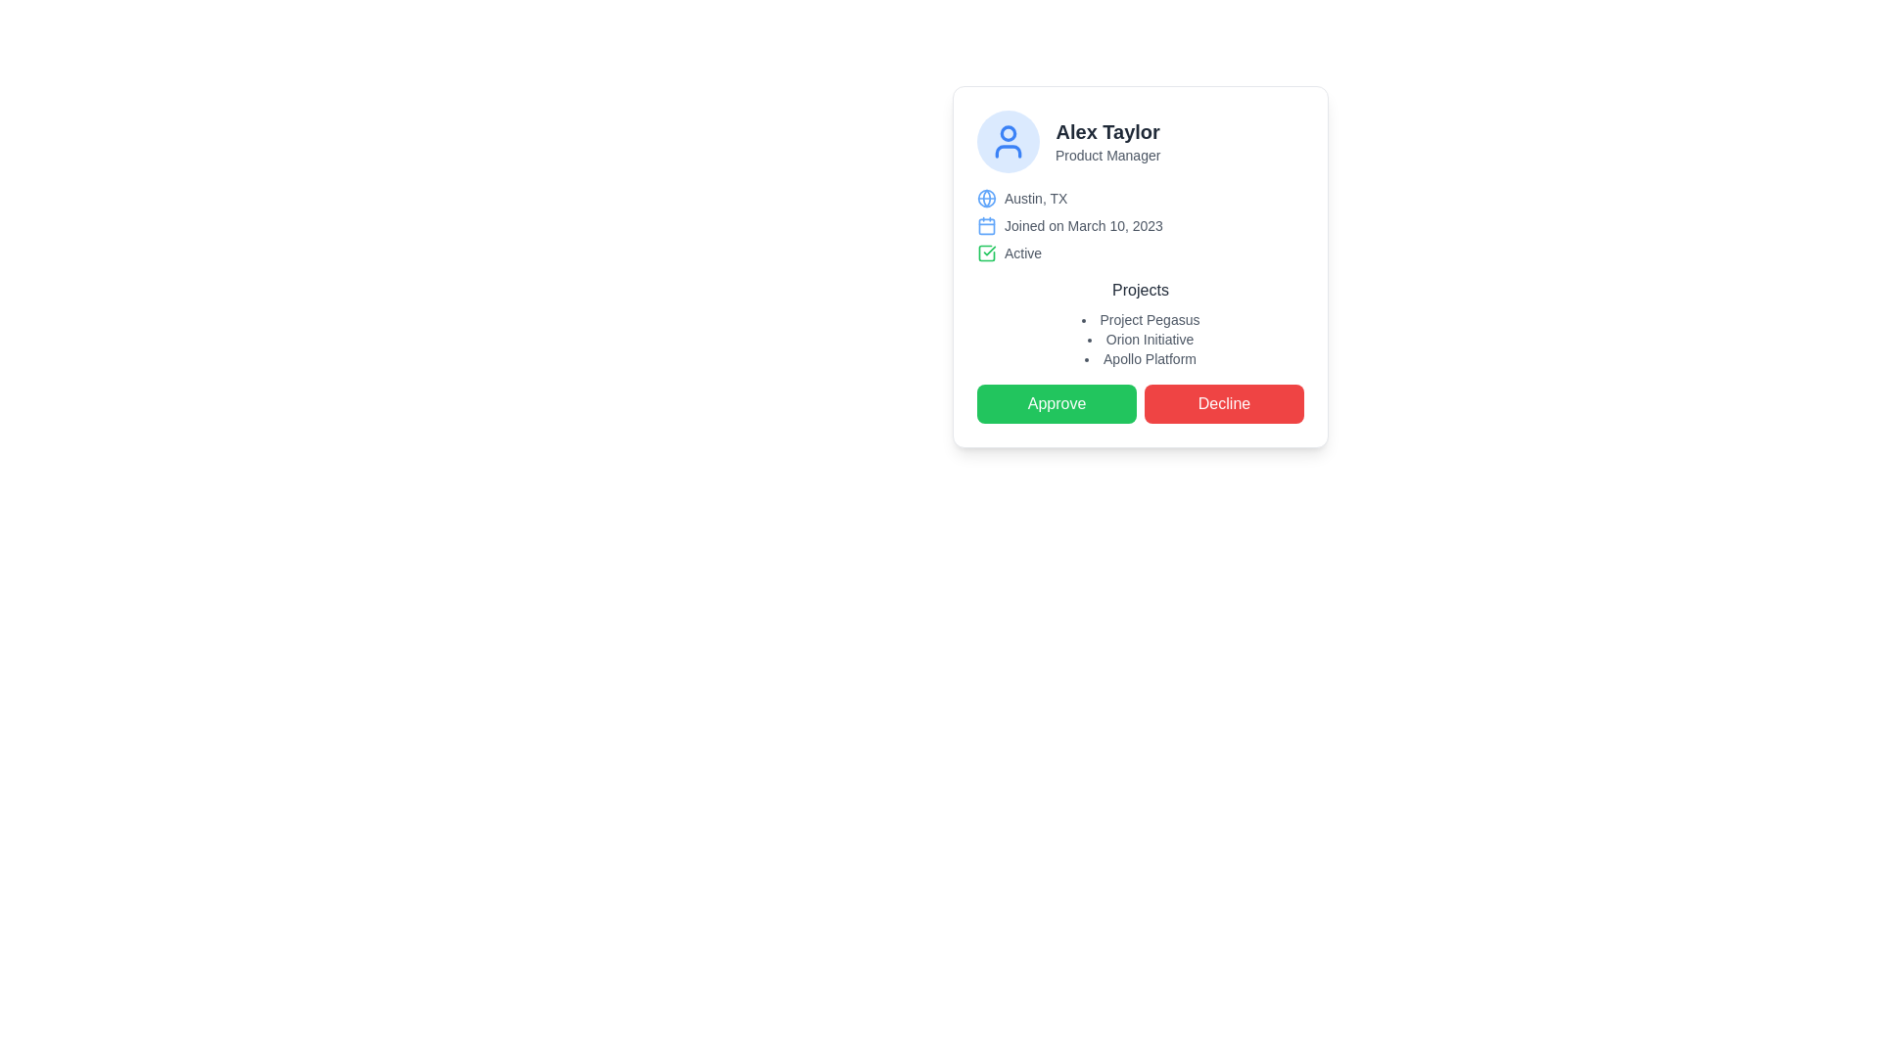  Describe the element at coordinates (1022, 252) in the screenshot. I see `the status informational Text label located within the profile card, positioned to the right of the green checkmark icon` at that location.